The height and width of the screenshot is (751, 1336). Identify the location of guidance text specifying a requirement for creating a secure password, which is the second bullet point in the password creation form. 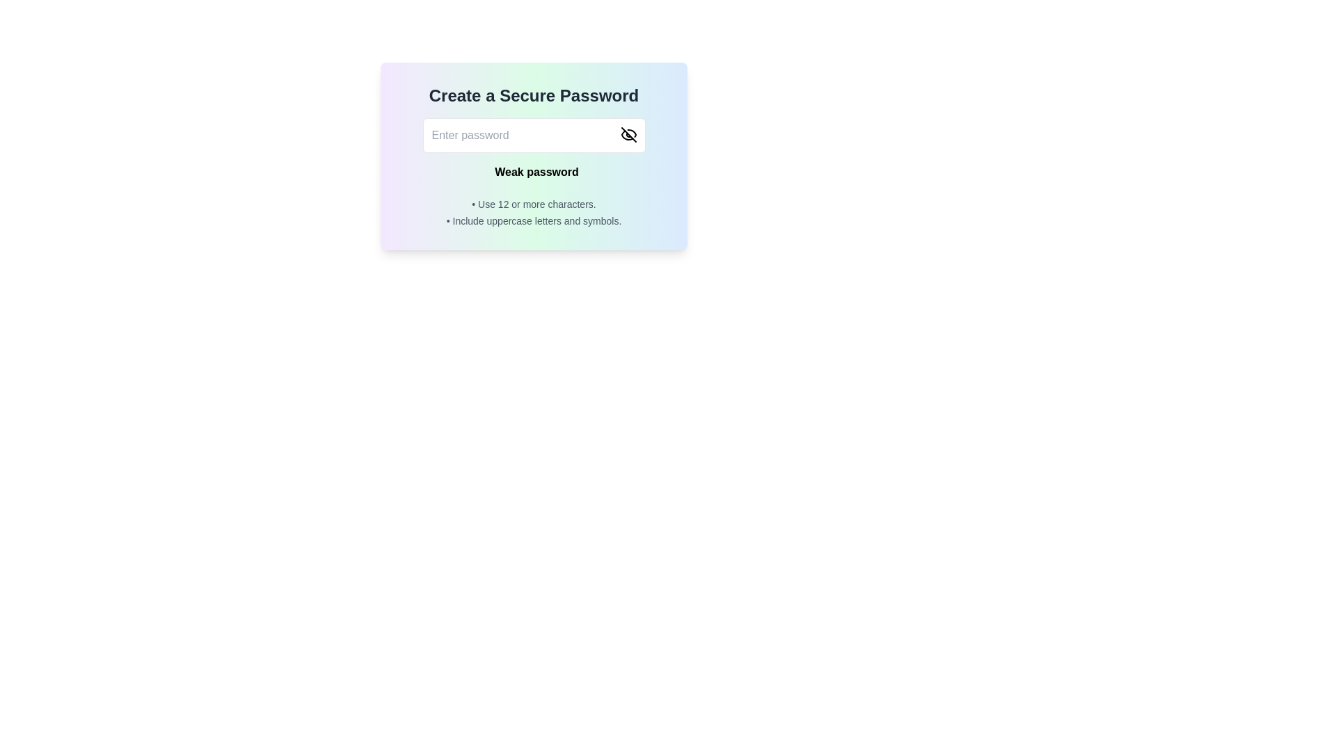
(533, 220).